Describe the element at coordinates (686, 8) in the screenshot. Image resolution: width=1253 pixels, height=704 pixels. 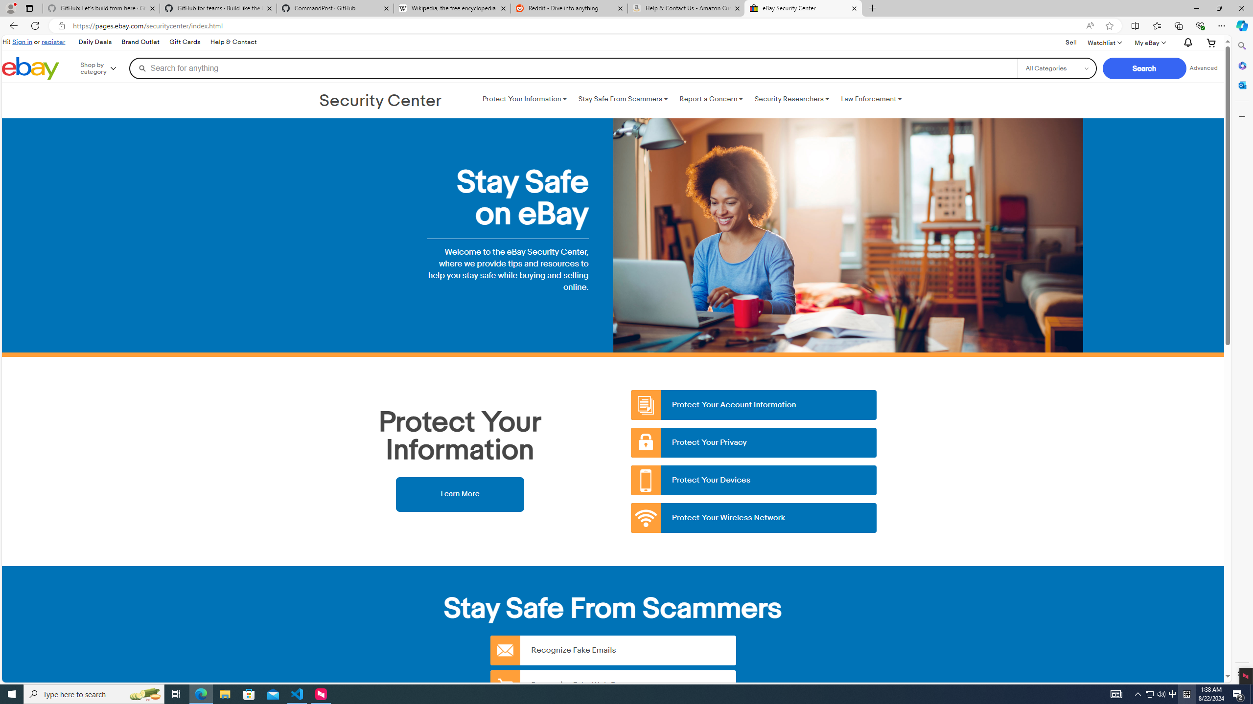
I see `'Help & Contact Us - Amazon Customer Service - Sleeping'` at that location.